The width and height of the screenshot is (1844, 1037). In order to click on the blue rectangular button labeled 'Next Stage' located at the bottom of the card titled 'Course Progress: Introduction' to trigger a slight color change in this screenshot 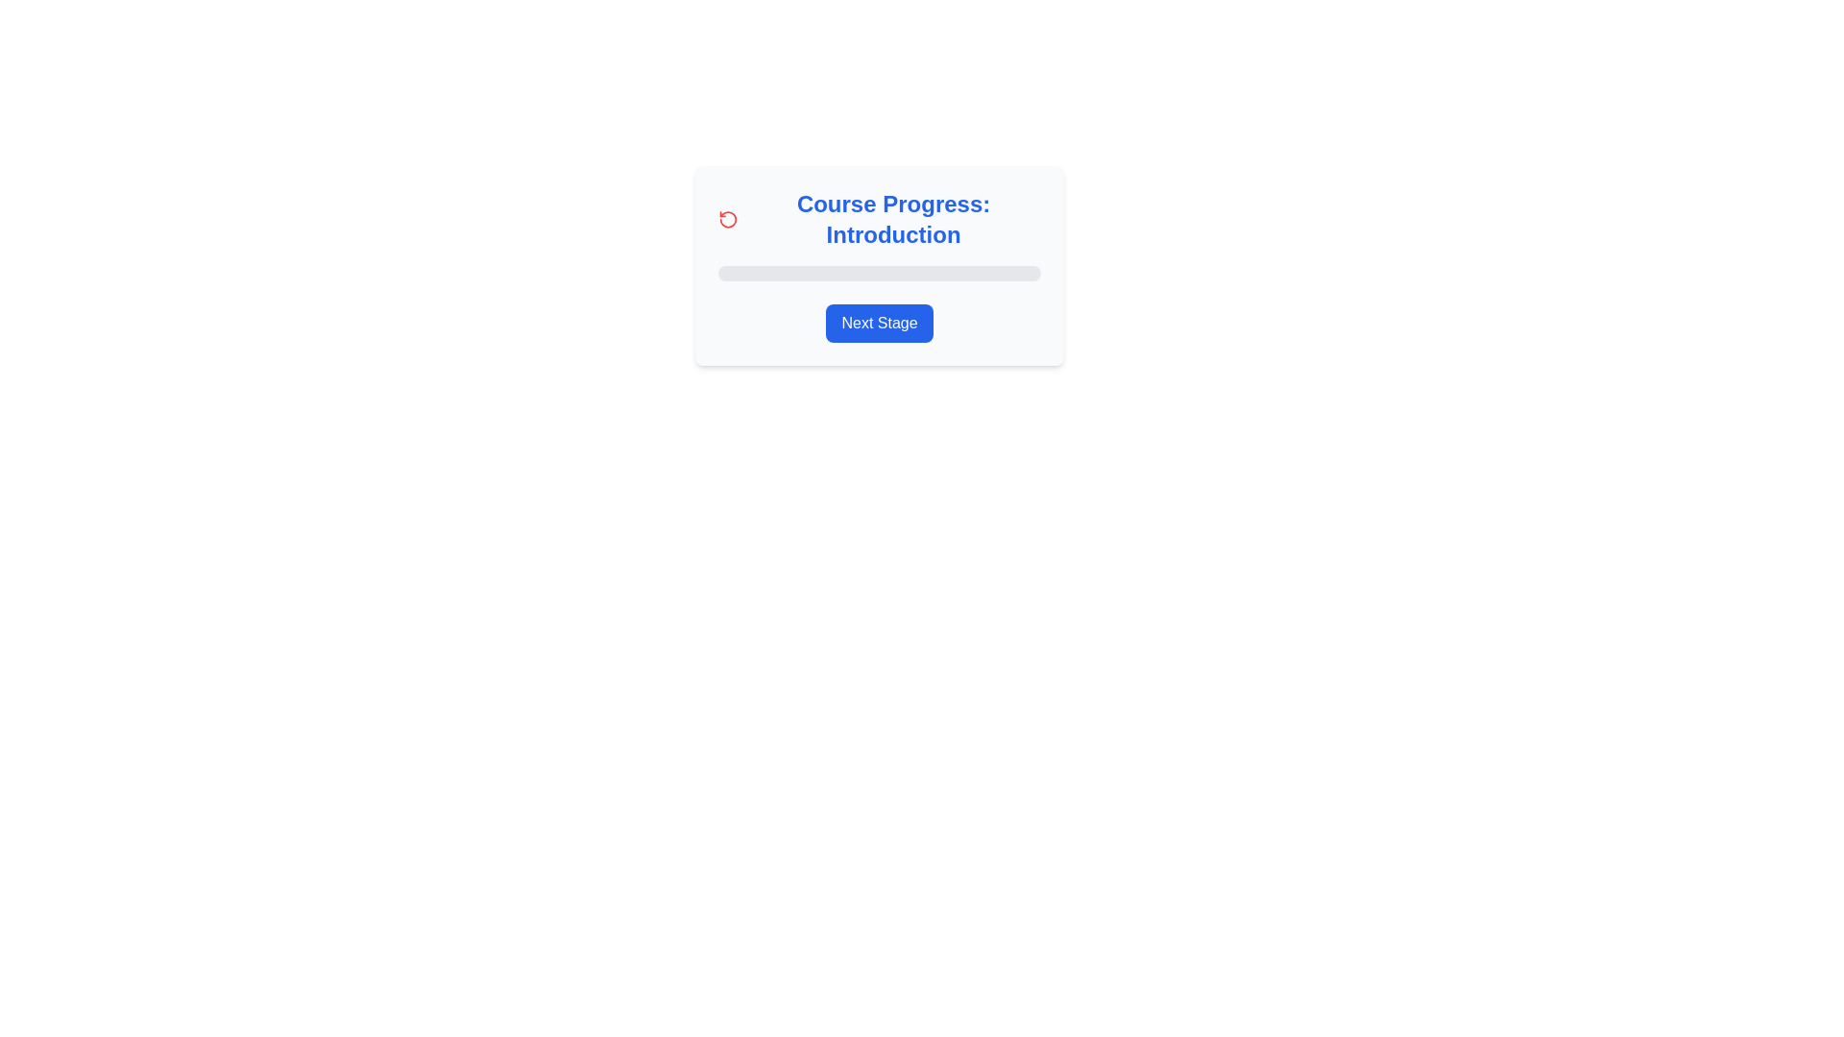, I will do `click(879, 322)`.